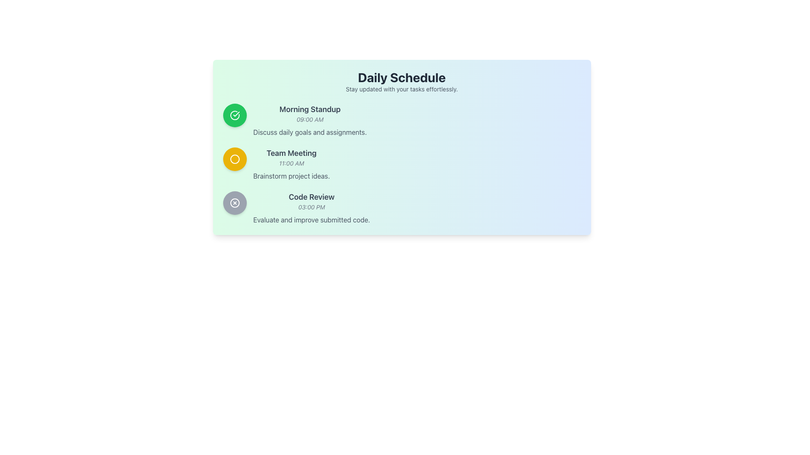  I want to click on the first schedule list item titled 'Morning Standup', which includes the title, timestamp, and description, so click(401, 120).